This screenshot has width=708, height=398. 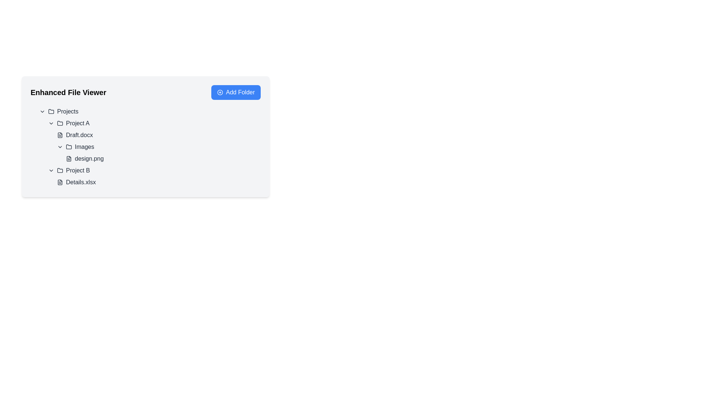 I want to click on the file icon representing 'Draft.docx' located to the left of the text, so click(x=60, y=135).